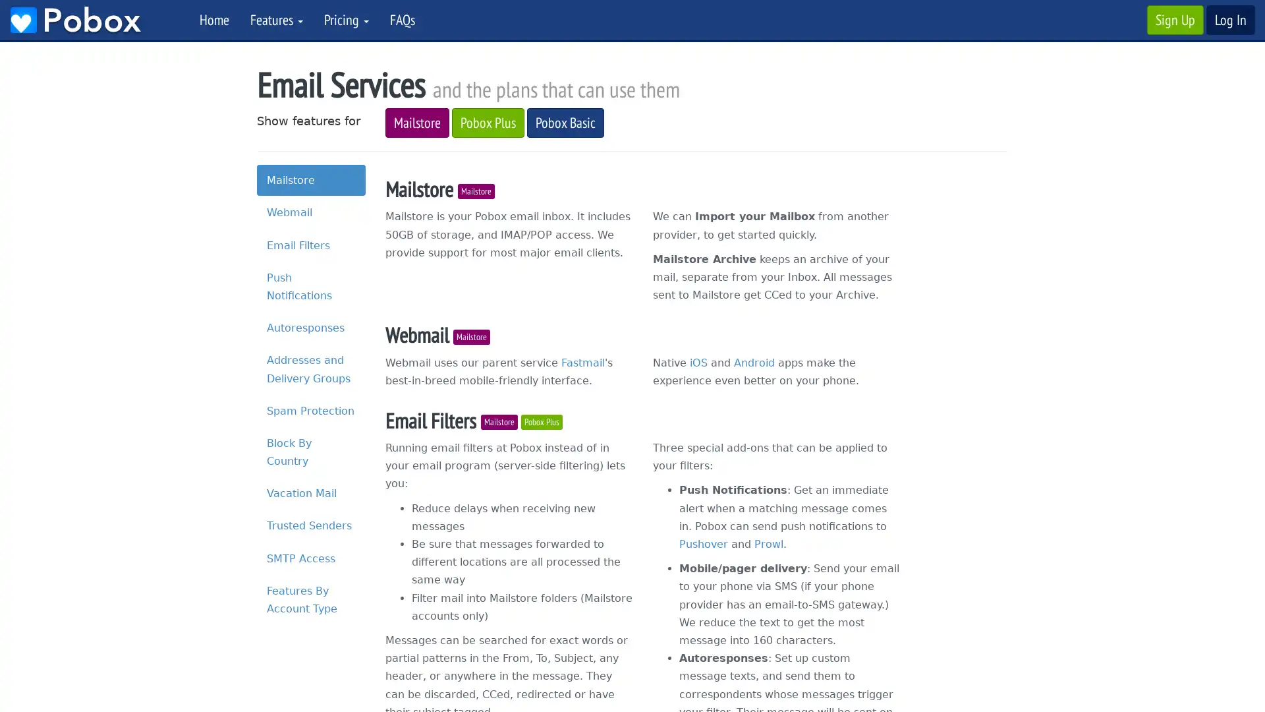 The image size is (1265, 712). Describe the element at coordinates (499, 422) in the screenshot. I see `Mailstore` at that location.